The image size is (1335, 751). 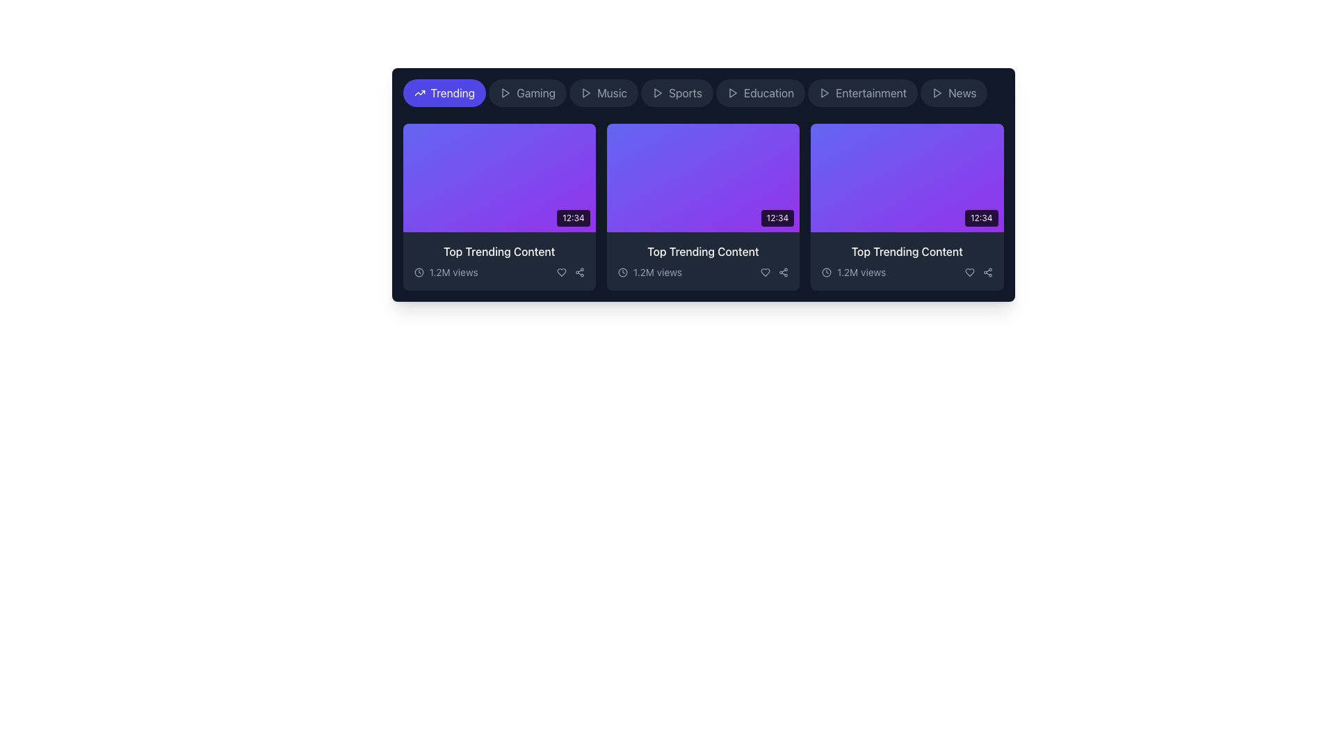 I want to click on the view count display field located beneath the 'Top Trending Content' title, positioned in the second card of the horizontally scrolling list, so click(x=703, y=272).